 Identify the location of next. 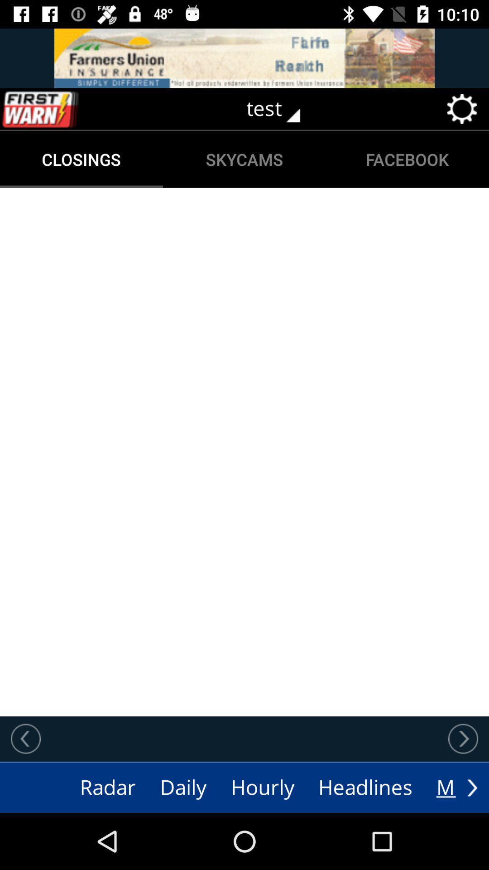
(472, 787).